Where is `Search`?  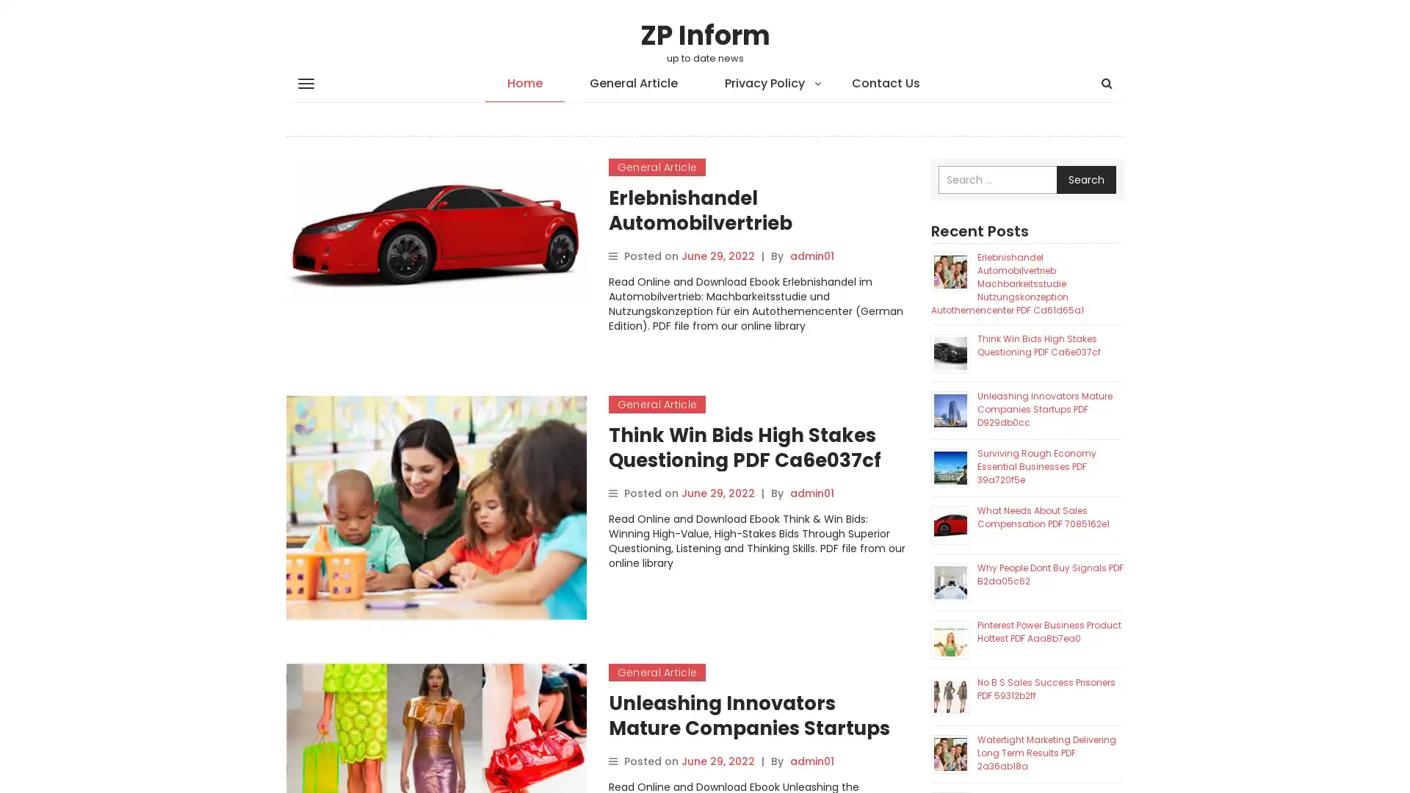 Search is located at coordinates (1086, 179).